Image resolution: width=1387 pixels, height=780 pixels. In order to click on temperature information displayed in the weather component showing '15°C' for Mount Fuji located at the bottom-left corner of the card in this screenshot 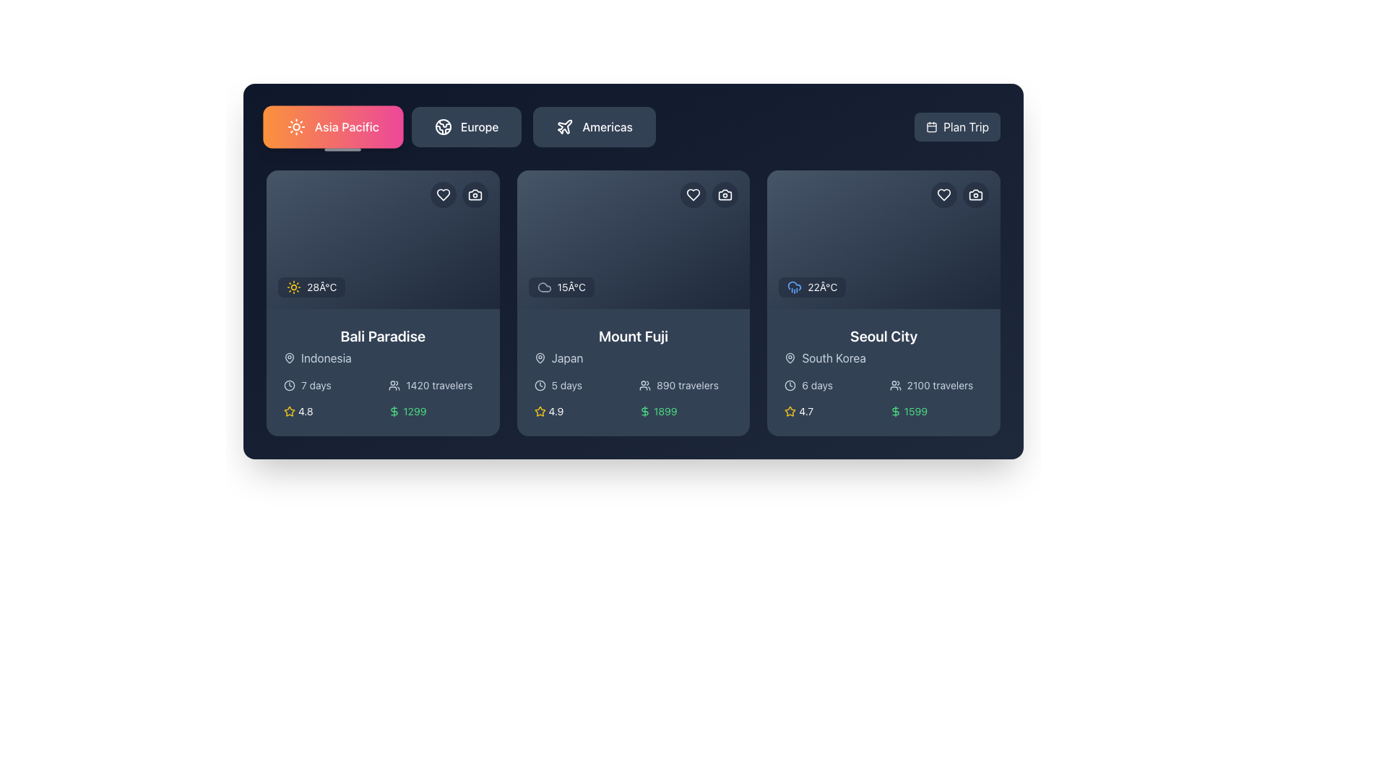, I will do `click(561, 287)`.